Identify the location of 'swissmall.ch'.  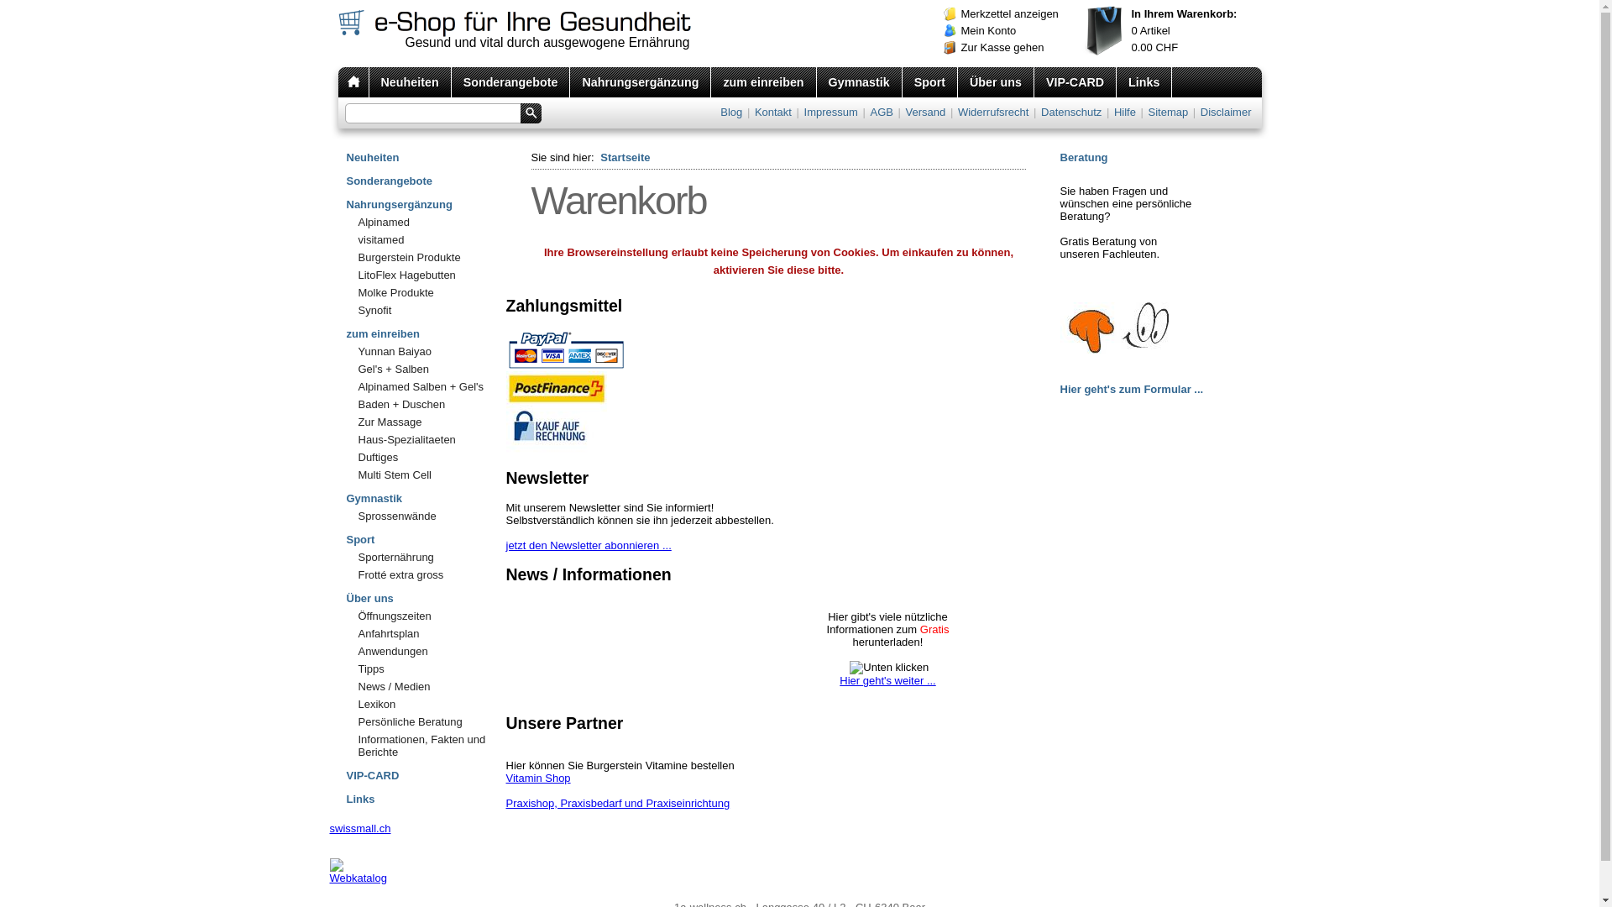
(359, 827).